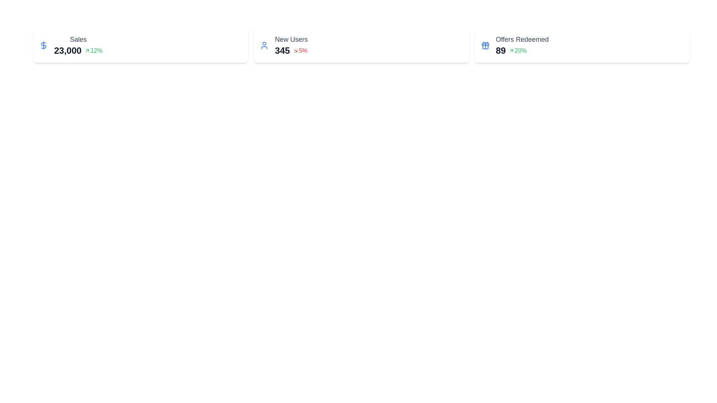 Image resolution: width=717 pixels, height=403 pixels. Describe the element at coordinates (511, 50) in the screenshot. I see `the upward trend icon located to the left of the green '20%' text within the 'Offers Redeemed' card, positioned at the upper-right corner of the card` at that location.